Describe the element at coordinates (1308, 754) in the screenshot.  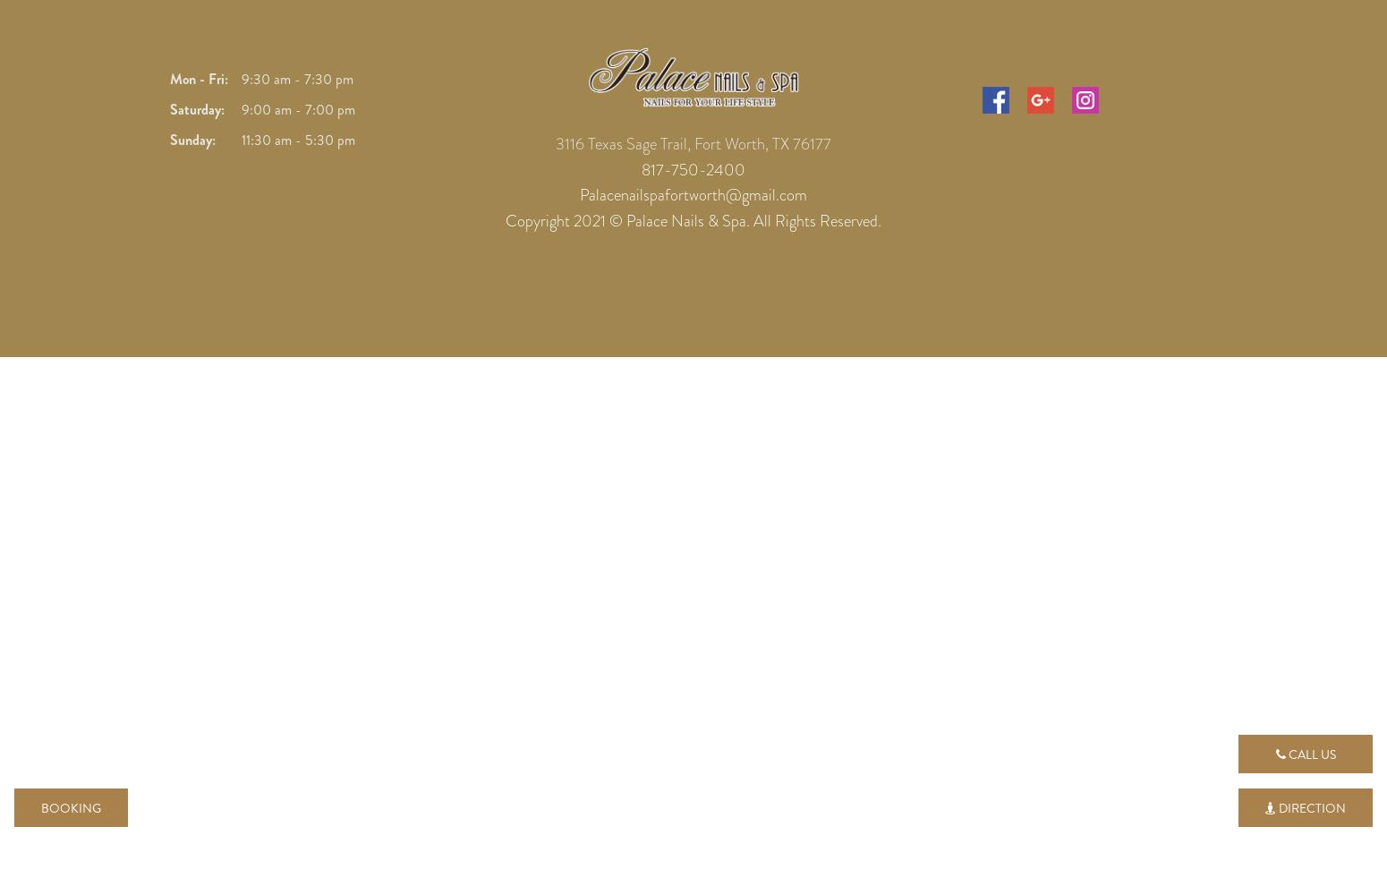
I see `'Call us'` at that location.